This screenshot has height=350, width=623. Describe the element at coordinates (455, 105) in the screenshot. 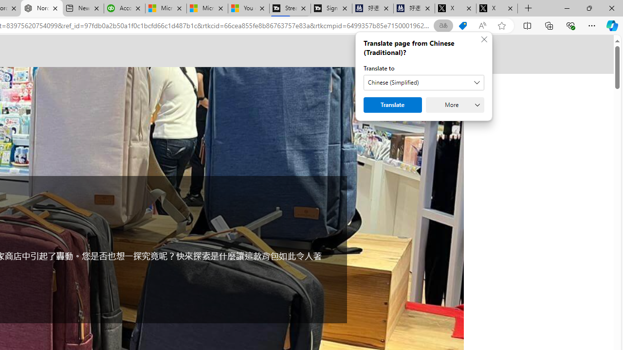

I see `'More'` at that location.